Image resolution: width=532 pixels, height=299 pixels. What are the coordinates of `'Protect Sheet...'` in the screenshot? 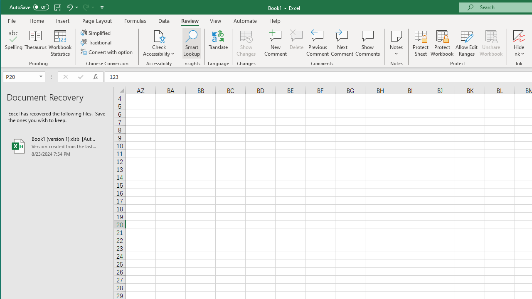 It's located at (421, 43).